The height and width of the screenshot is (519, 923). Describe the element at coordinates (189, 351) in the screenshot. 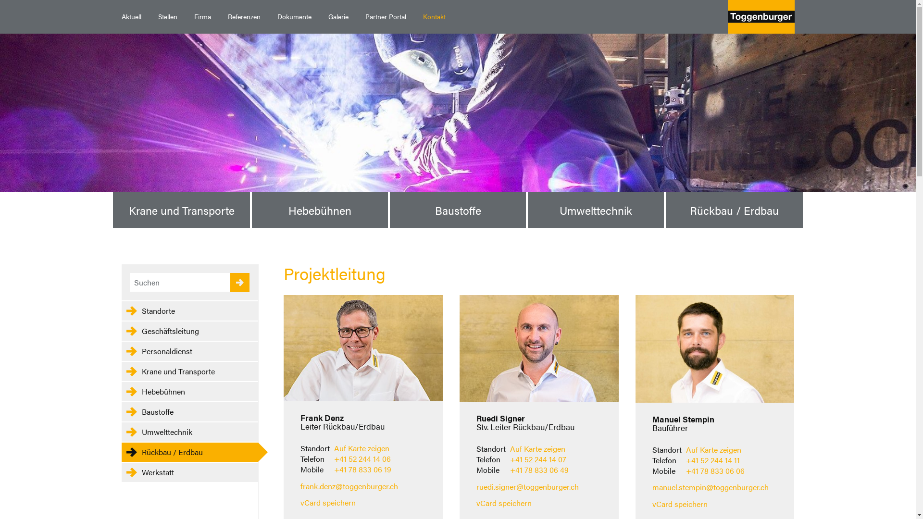

I see `'Personaldienst'` at that location.